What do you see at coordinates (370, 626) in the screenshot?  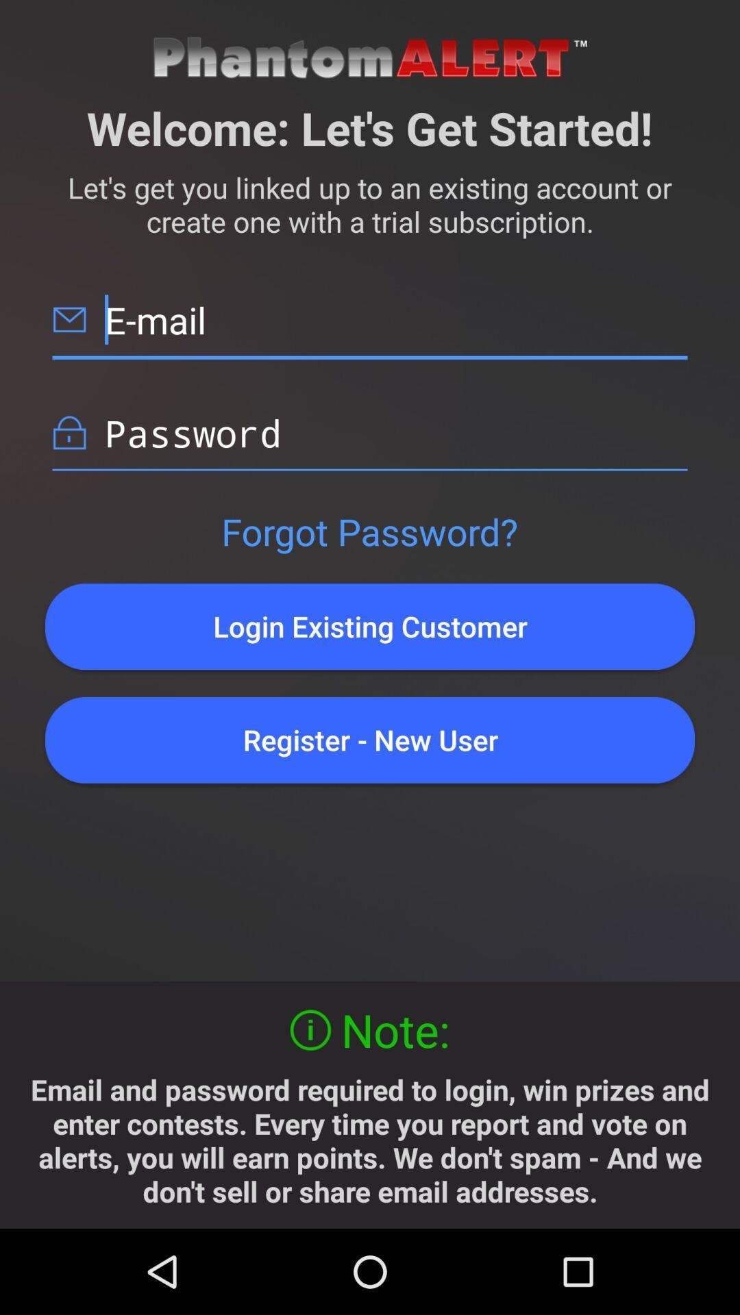 I see `the login existing customer` at bounding box center [370, 626].